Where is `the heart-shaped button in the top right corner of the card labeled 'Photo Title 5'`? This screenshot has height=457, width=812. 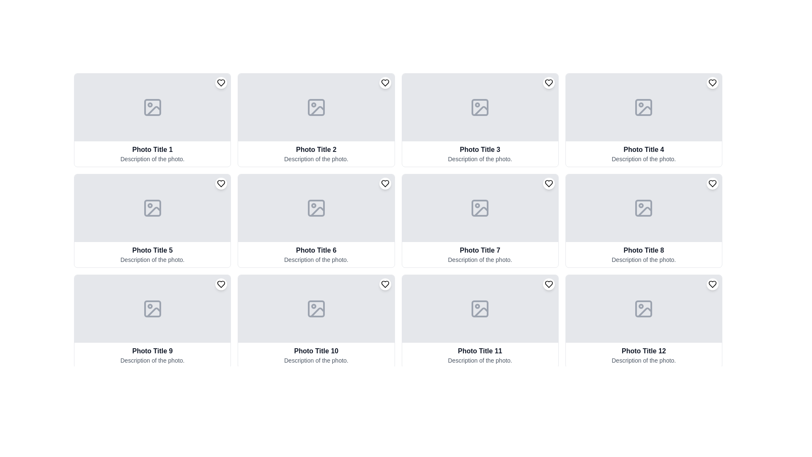
the heart-shaped button in the top right corner of the card labeled 'Photo Title 5' is located at coordinates (221, 183).